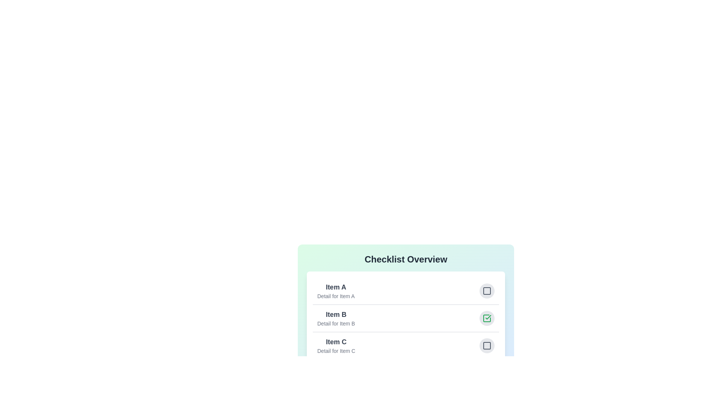 The height and width of the screenshot is (405, 721). I want to click on the item Item A to view its details, so click(405, 290).